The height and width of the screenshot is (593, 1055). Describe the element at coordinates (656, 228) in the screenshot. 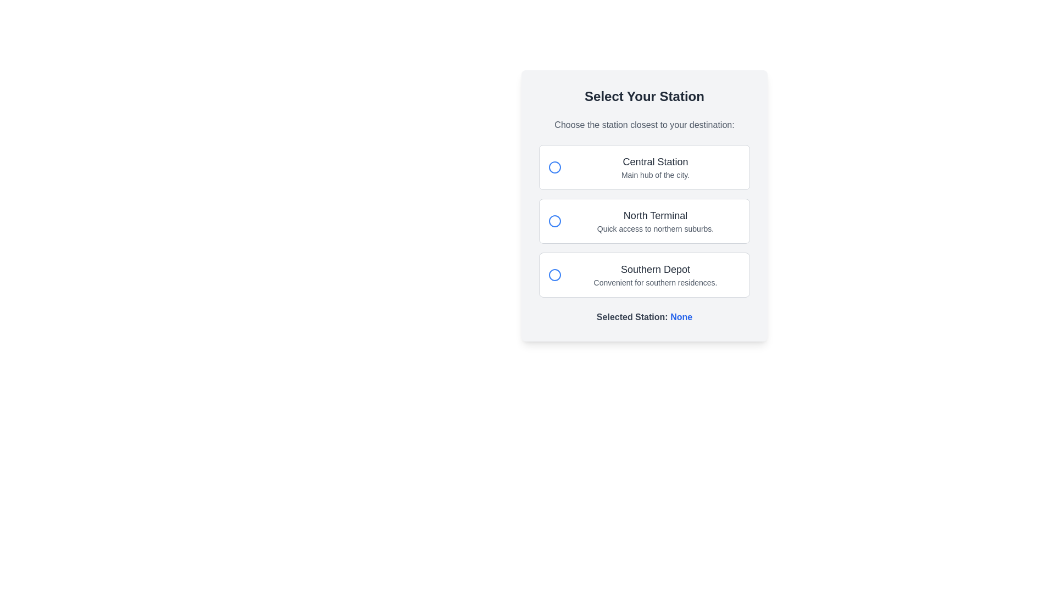

I see `the text element that reads 'Quick access to northern suburbs.', which is located directly beneath the heading 'North Terminal'` at that location.